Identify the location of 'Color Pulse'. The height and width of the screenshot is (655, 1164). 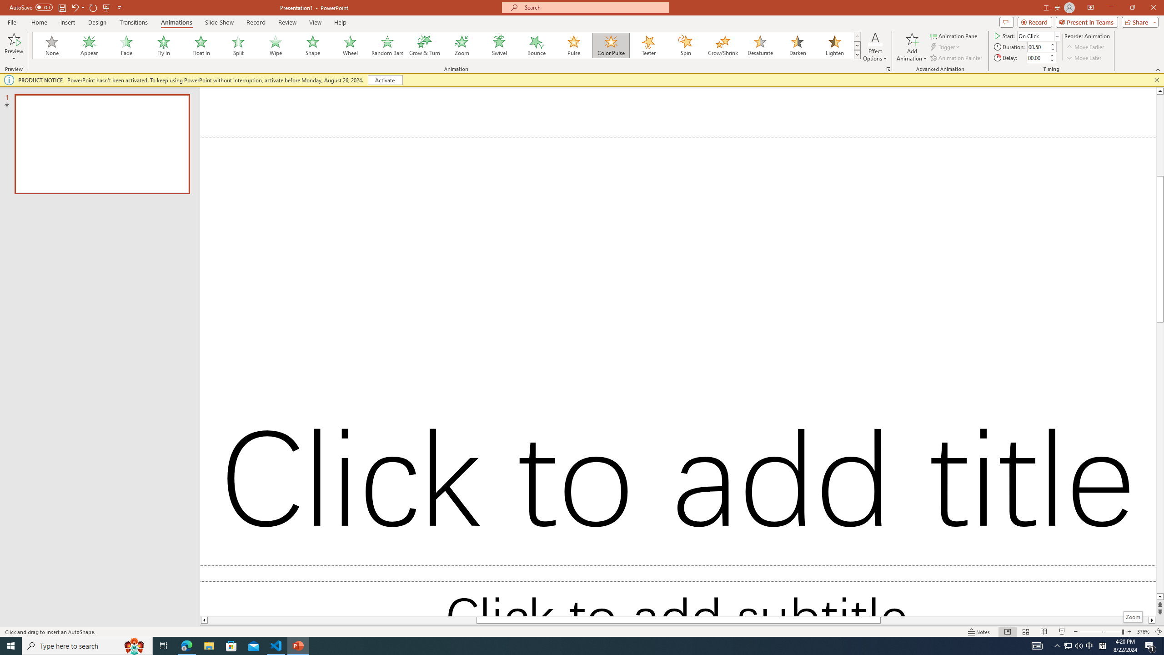
(611, 45).